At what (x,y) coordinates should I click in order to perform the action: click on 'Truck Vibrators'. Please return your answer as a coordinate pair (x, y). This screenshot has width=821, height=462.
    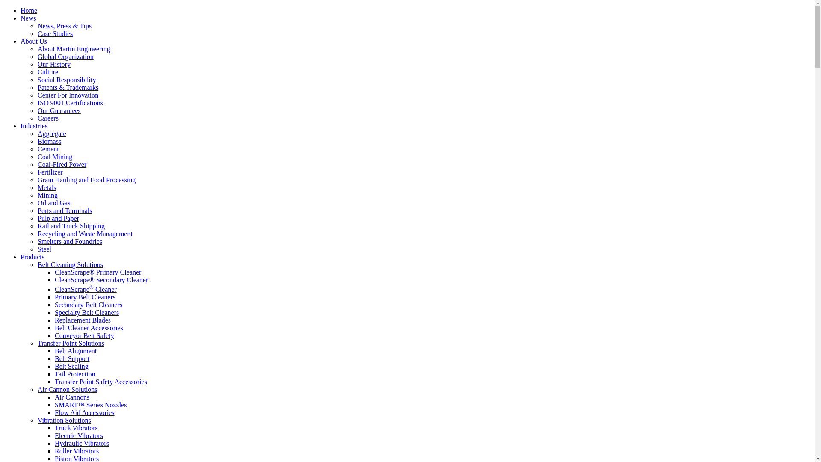
    Looking at the image, I should click on (54, 428).